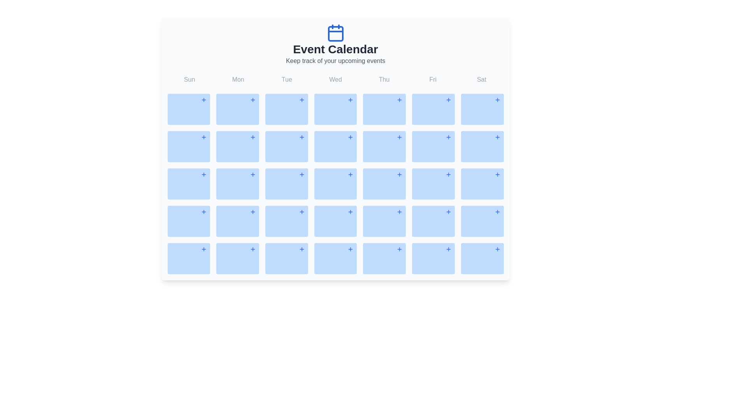 The height and width of the screenshot is (420, 747). I want to click on the blue '+' button located in the top-right corner of the fourth cell in the fourth row of the event calendar, so click(400, 174).